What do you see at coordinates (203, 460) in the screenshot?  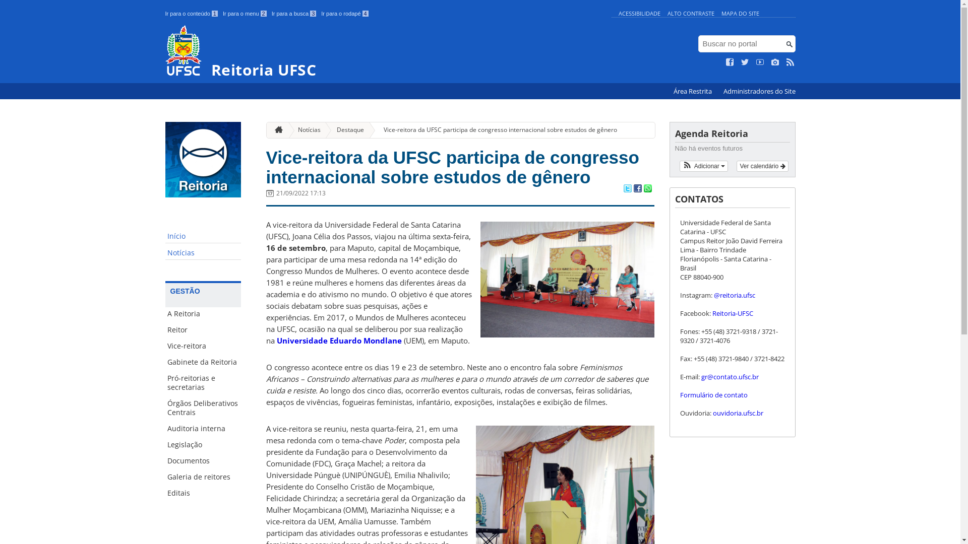 I see `'Documentos'` at bounding box center [203, 460].